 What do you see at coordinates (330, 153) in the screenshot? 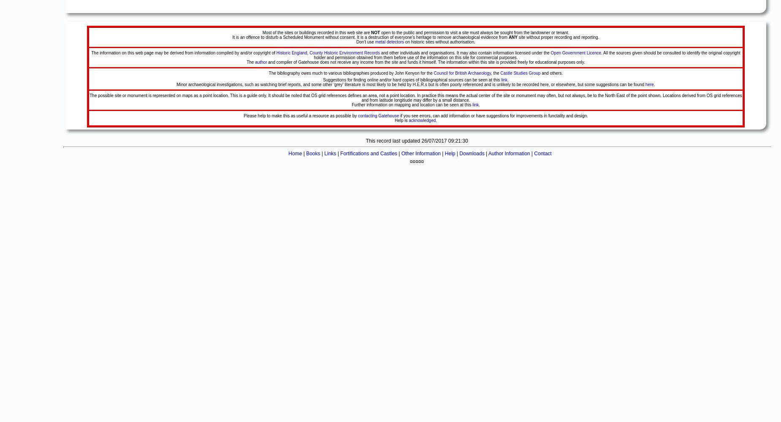
I see `'Links'` at bounding box center [330, 153].